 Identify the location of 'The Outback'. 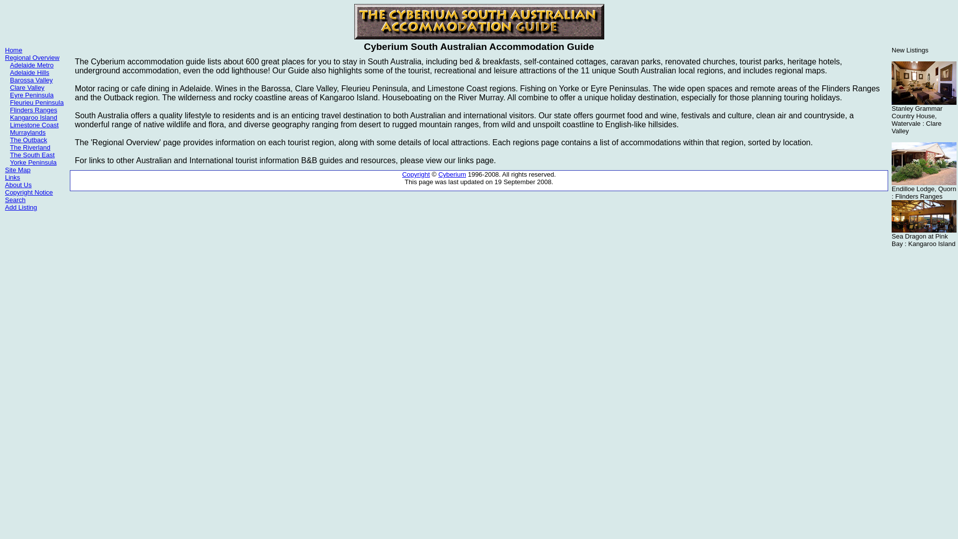
(28, 140).